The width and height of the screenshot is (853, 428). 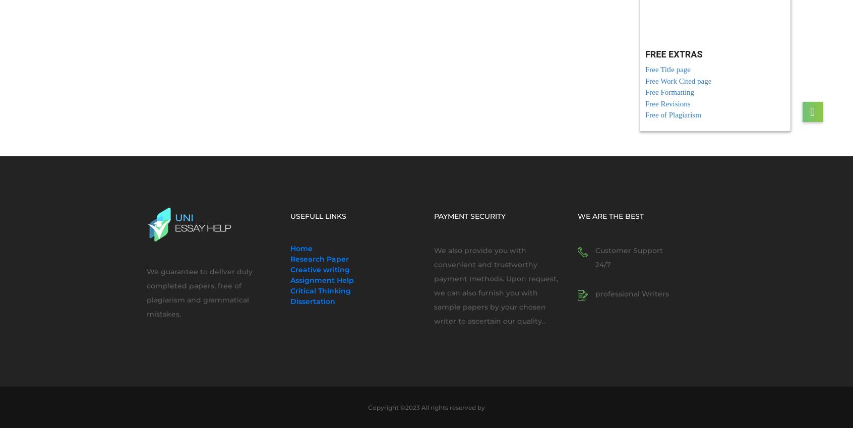 I want to click on 'Home', so click(x=300, y=248).